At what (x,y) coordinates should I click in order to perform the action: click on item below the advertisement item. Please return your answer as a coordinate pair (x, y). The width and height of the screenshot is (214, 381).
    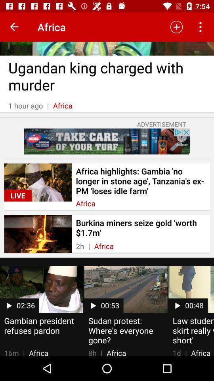
    Looking at the image, I should click on (107, 141).